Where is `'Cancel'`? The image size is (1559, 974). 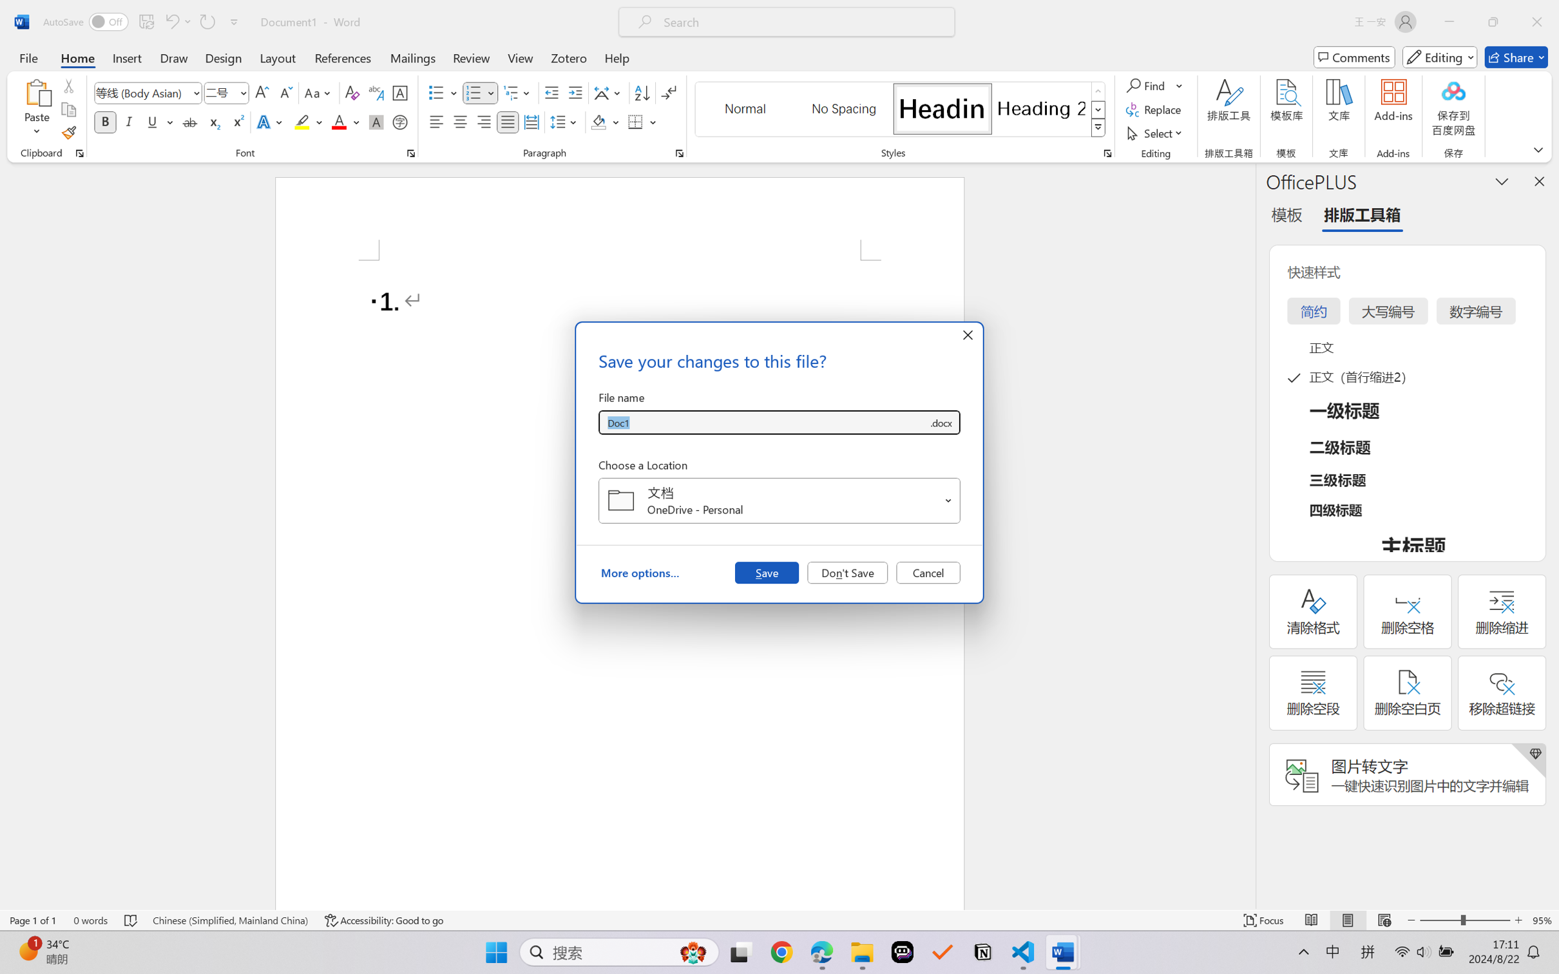 'Cancel' is located at coordinates (928, 571).